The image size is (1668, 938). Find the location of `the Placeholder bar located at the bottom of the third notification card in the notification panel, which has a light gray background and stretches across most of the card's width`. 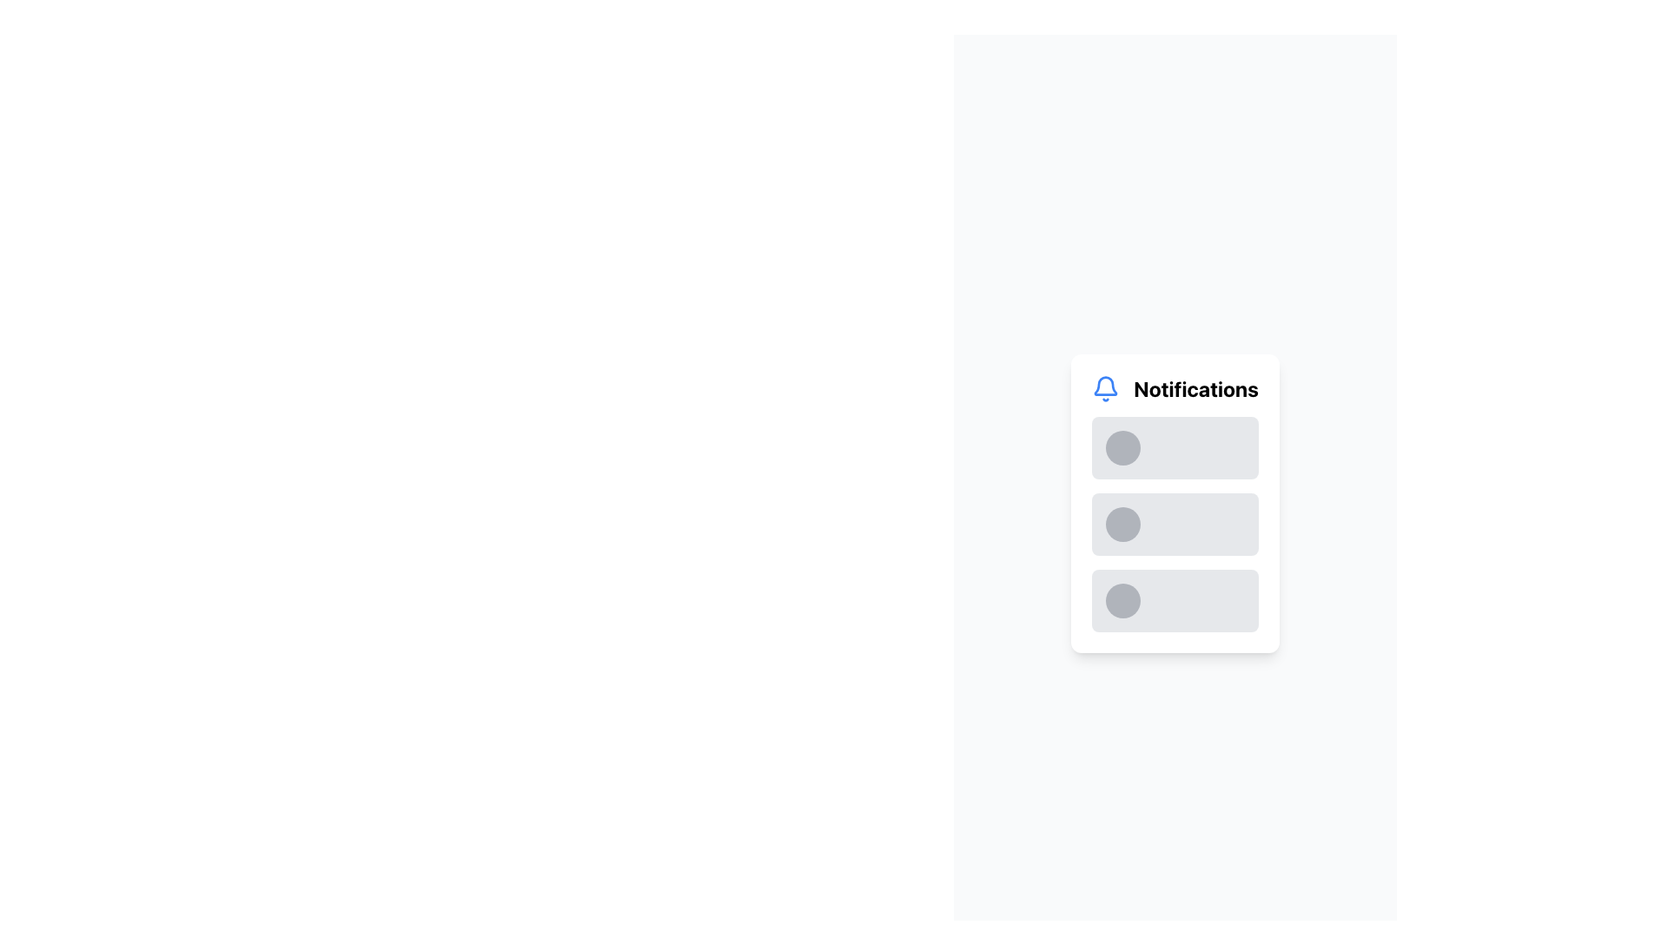

the Placeholder bar located at the bottom of the third notification card in the notification panel, which has a light gray background and stretches across most of the card's width is located at coordinates (1199, 599).